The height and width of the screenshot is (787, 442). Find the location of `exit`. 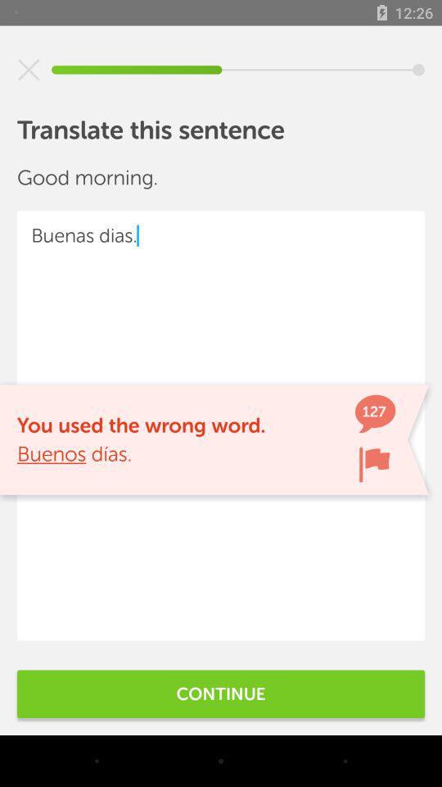

exit is located at coordinates (29, 70).